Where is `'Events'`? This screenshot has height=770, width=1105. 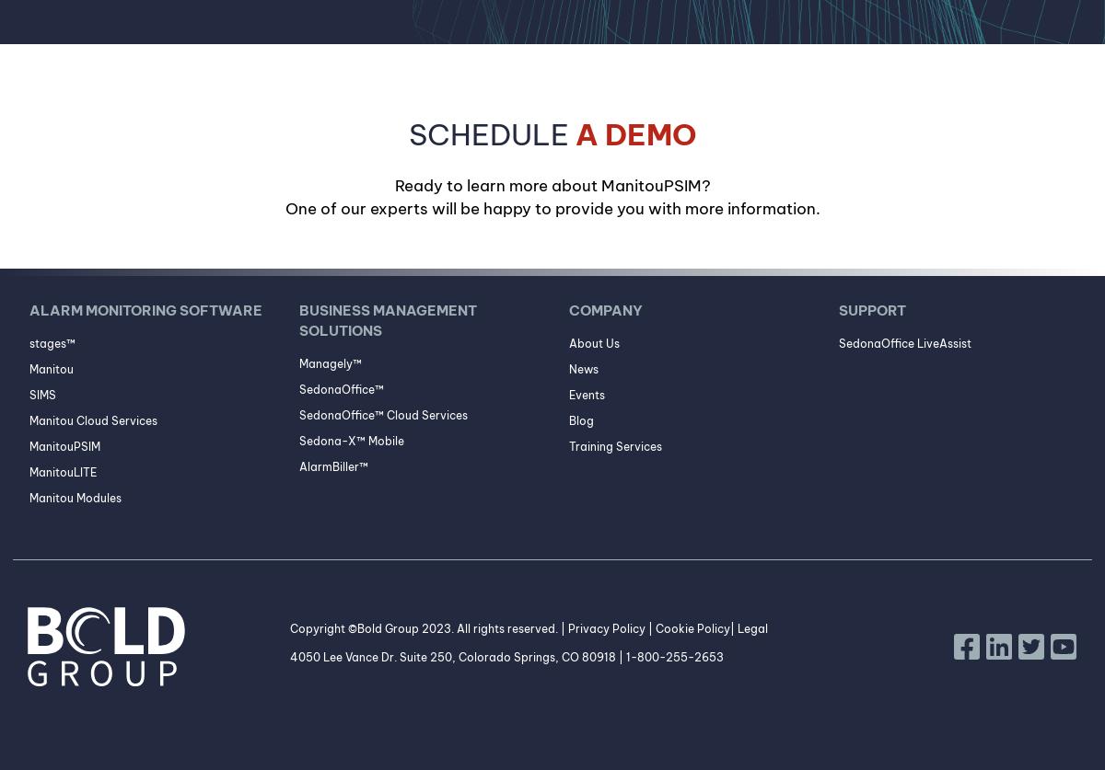 'Events' is located at coordinates (568, 394).